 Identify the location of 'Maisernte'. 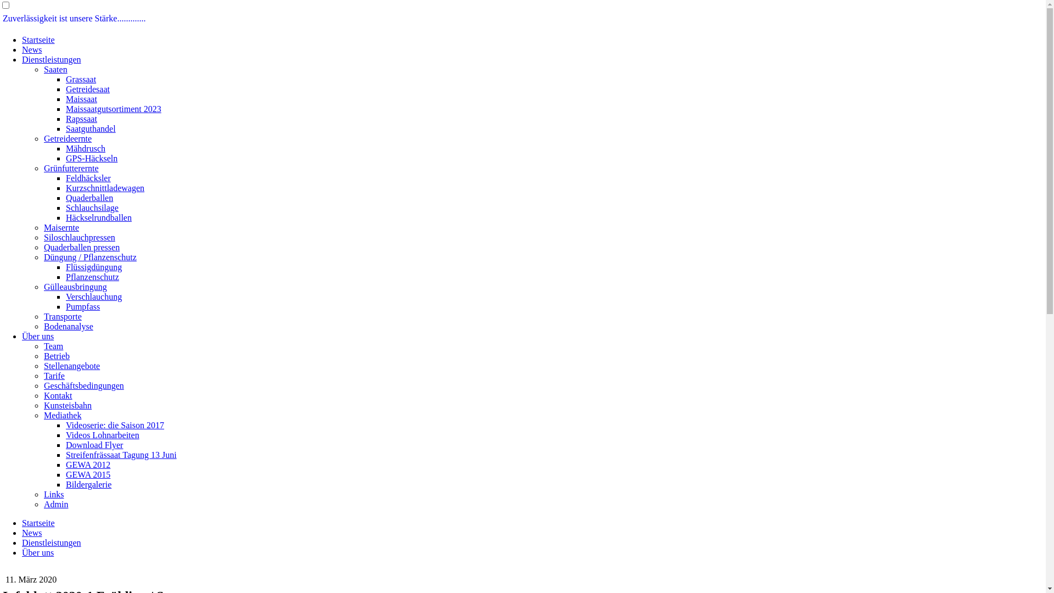
(60, 227).